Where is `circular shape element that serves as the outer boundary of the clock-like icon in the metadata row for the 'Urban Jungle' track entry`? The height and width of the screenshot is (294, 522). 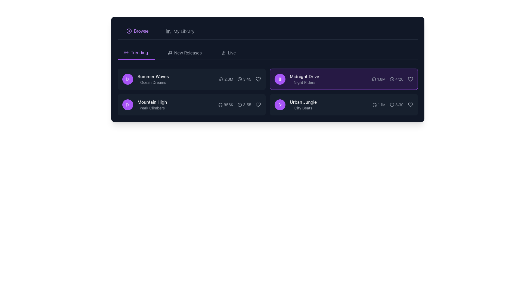 circular shape element that serves as the outer boundary of the clock-like icon in the metadata row for the 'Urban Jungle' track entry is located at coordinates (392, 105).